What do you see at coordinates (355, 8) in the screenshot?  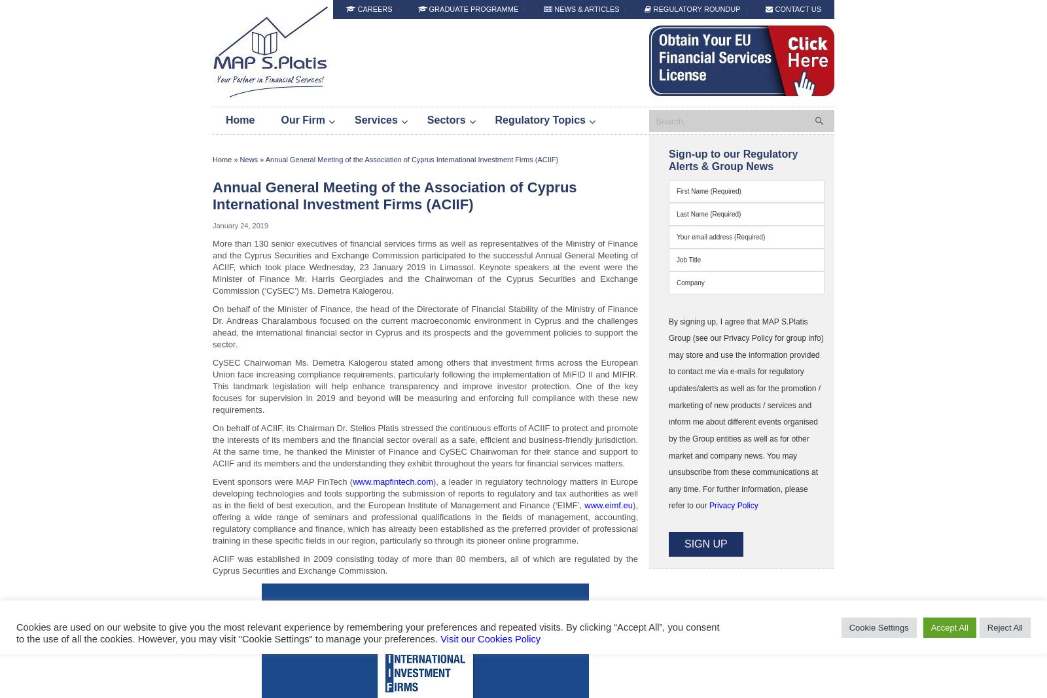 I see `'Careers'` at bounding box center [355, 8].